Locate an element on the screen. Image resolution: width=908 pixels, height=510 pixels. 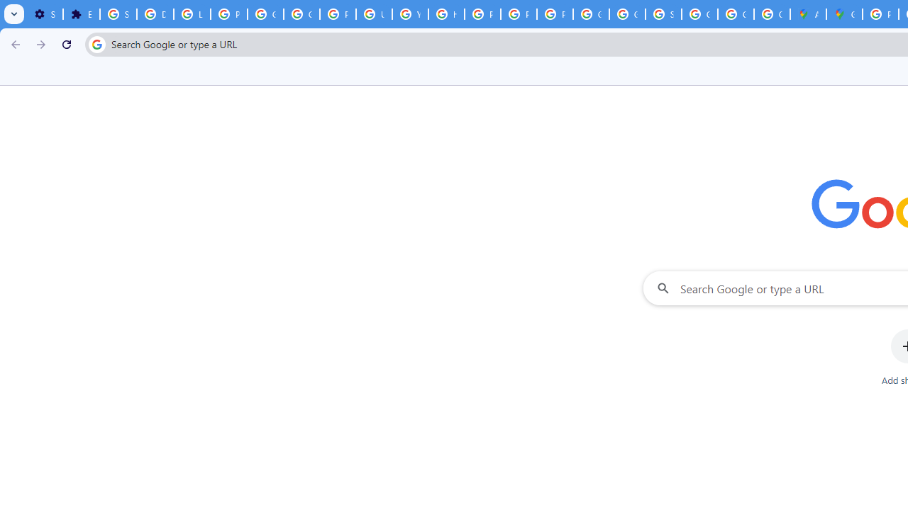
'Settings - On startup' is located at coordinates (45, 14).